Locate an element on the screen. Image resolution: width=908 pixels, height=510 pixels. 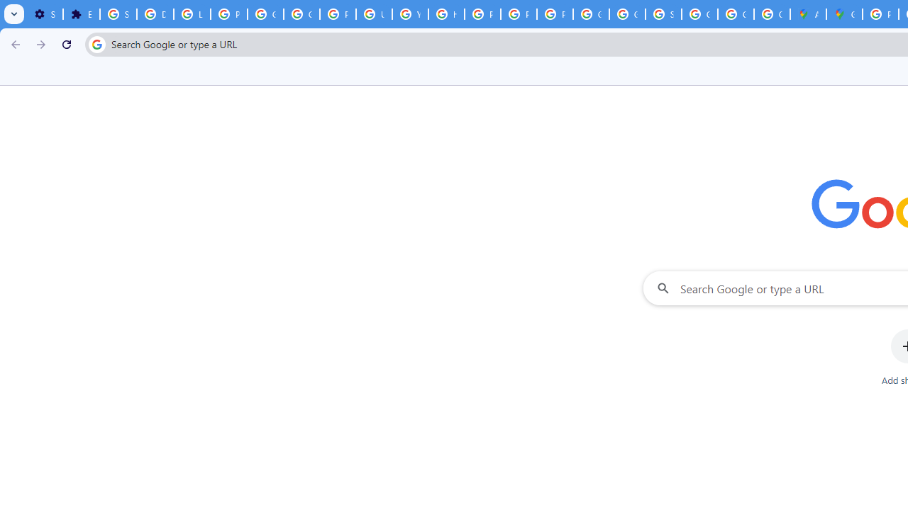
'Settings - On startup' is located at coordinates (45, 14).